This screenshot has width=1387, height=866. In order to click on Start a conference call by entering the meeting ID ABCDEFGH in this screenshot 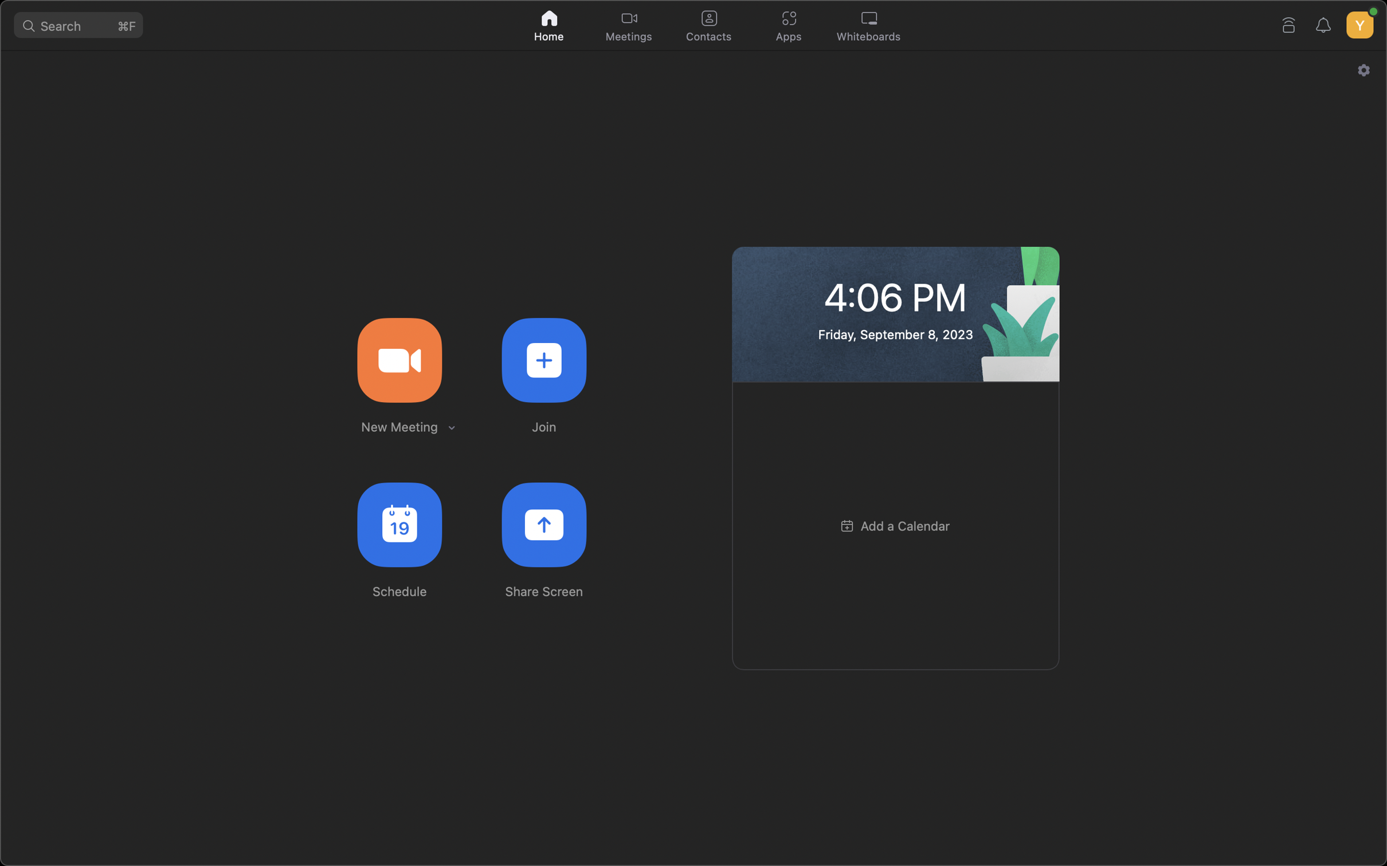, I will do `click(543, 359)`.